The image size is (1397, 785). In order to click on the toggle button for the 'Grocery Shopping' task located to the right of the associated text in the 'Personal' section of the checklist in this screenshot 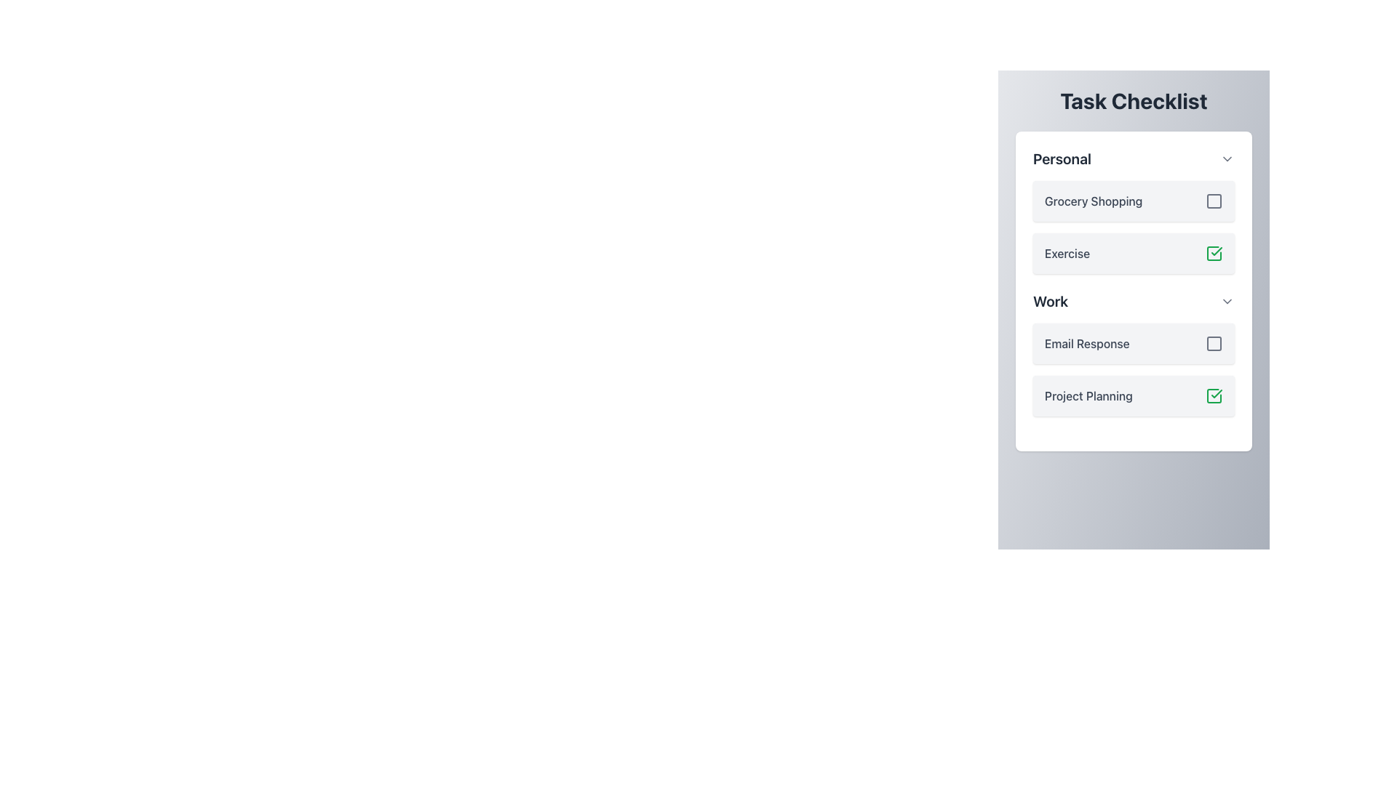, I will do `click(1214, 201)`.